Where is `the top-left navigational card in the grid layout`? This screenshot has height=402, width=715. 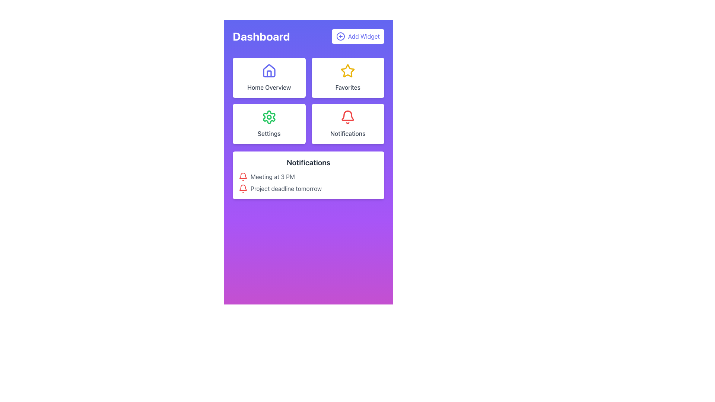
the top-left navigational card in the grid layout is located at coordinates (268, 77).